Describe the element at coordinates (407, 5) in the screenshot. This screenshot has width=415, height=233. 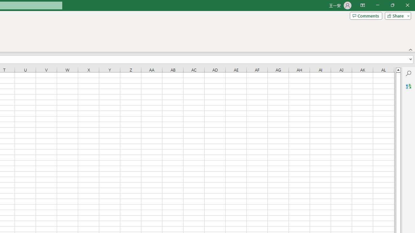
I see `'Close'` at that location.